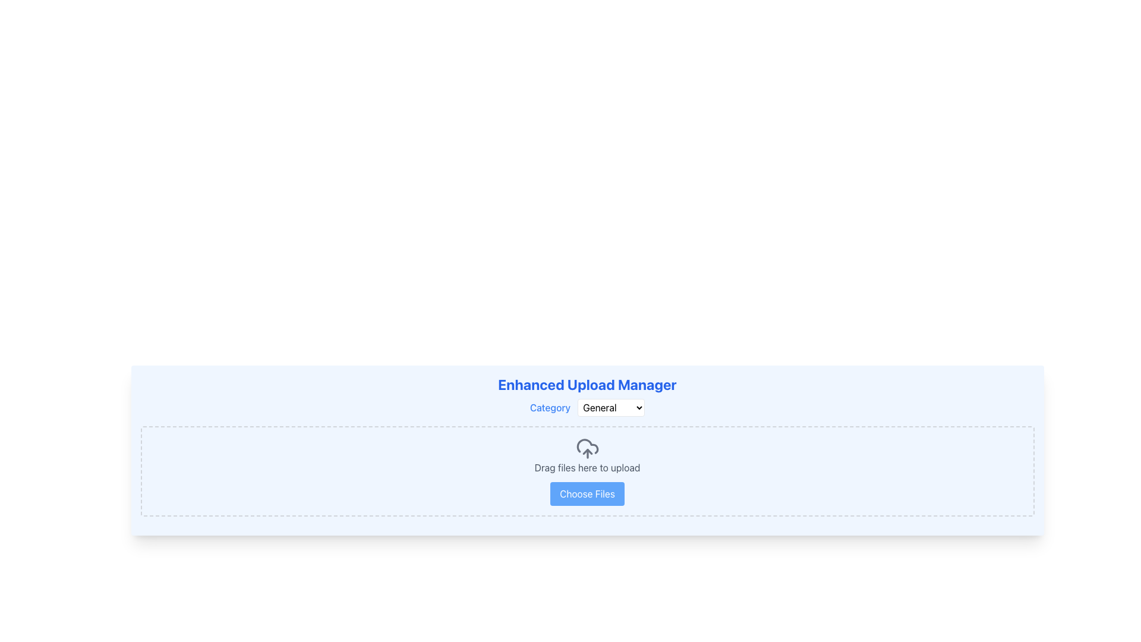 The width and height of the screenshot is (1141, 642). I want to click on the text label that instructs the user to drag files into the boundary for upload, located below a cloud-upload icon and above a 'Choose Files' button, so click(587, 467).